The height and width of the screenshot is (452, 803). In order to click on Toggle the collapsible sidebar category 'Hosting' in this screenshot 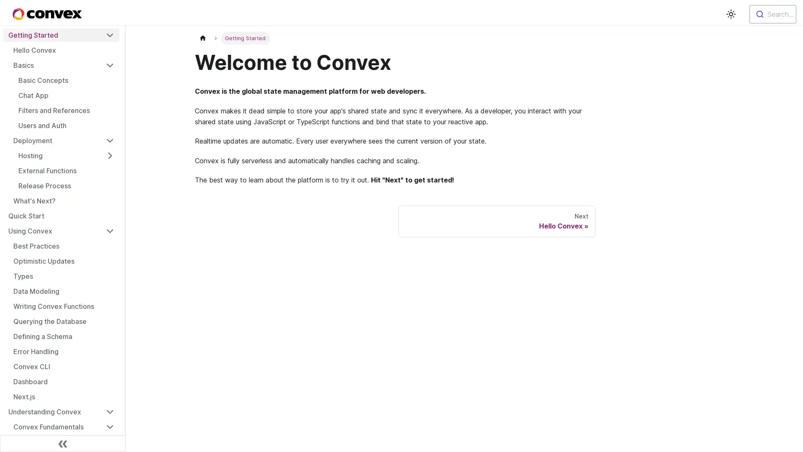, I will do `click(110, 155)`.